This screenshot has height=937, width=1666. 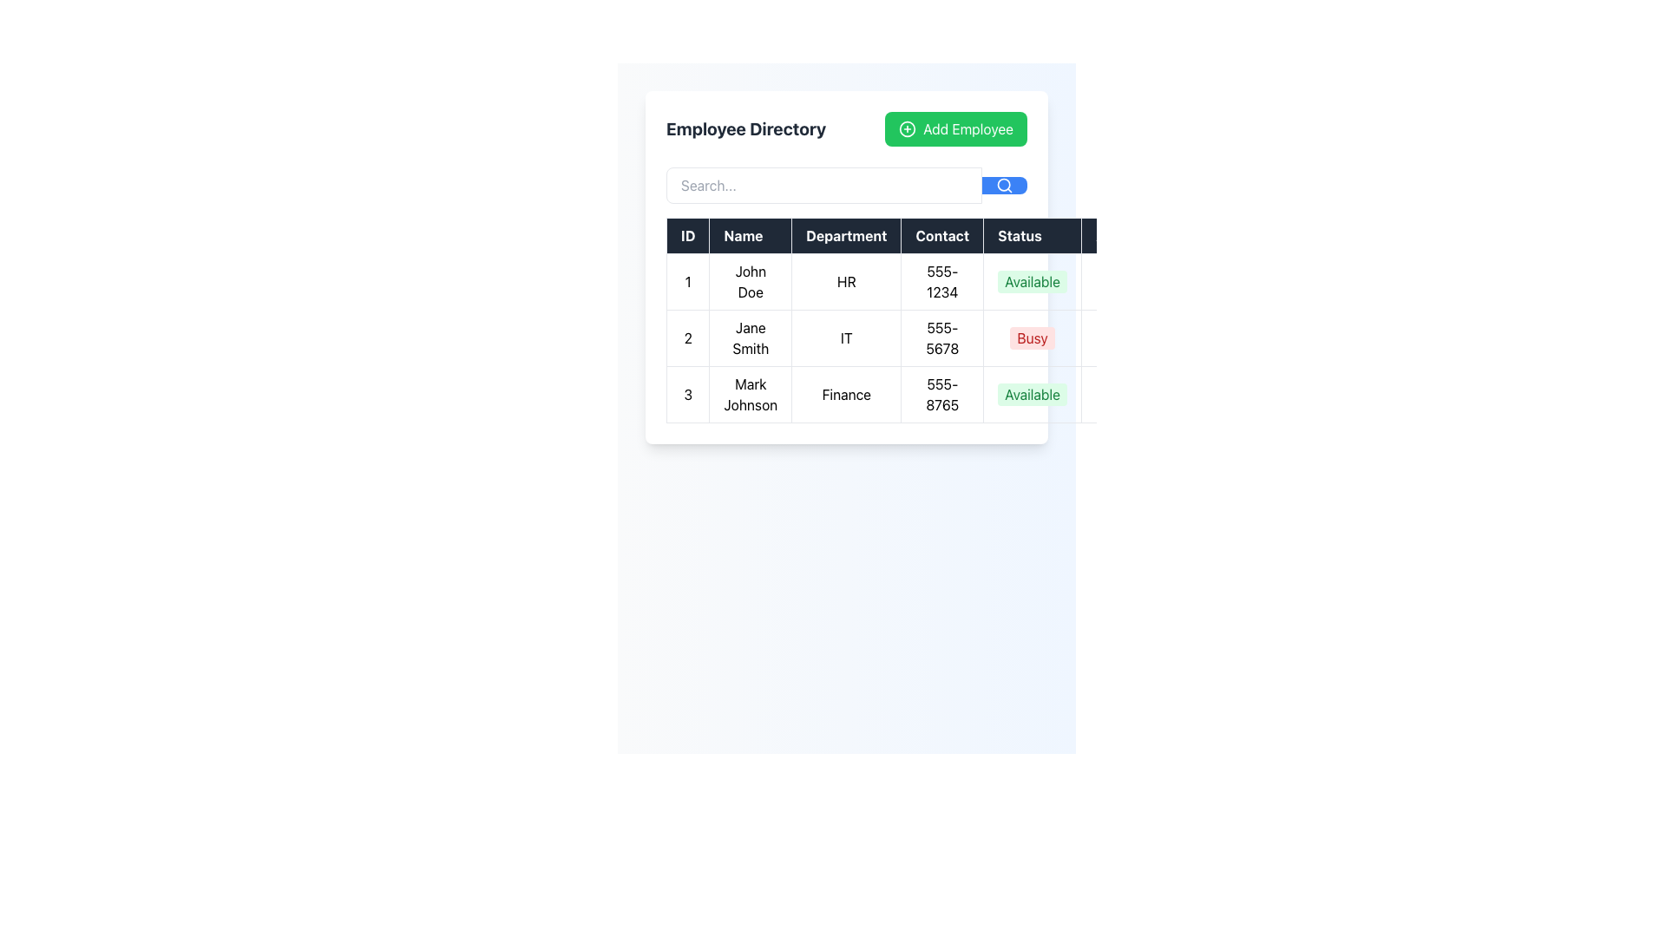 I want to click on the Text cell displaying contact information for 'Mark Johnson' in the 'Employee Directory' to copy the text, so click(x=941, y=395).